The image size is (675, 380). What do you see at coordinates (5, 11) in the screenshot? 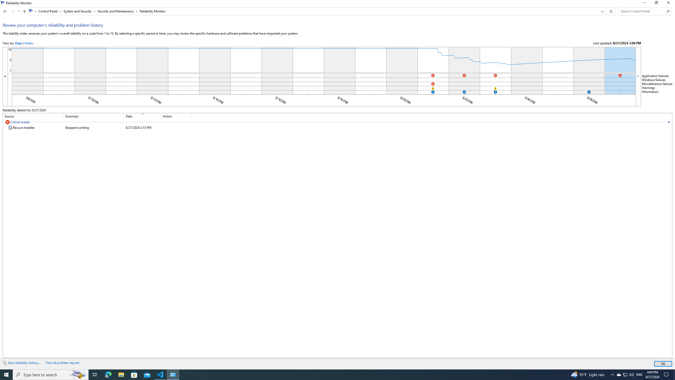
I see `'Back to Security and Maintenance (Alt + Left Arrow)'` at bounding box center [5, 11].